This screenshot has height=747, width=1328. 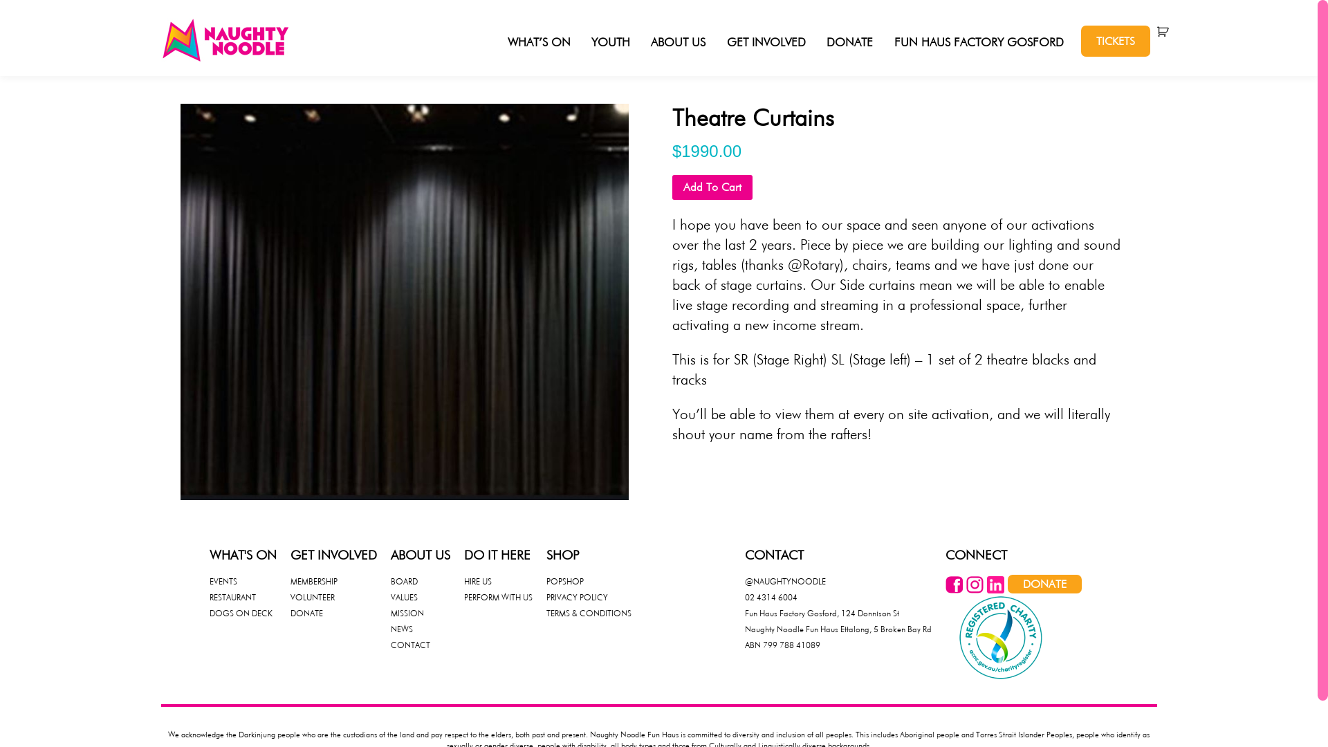 What do you see at coordinates (1115, 40) in the screenshot?
I see `'TICKETS'` at bounding box center [1115, 40].